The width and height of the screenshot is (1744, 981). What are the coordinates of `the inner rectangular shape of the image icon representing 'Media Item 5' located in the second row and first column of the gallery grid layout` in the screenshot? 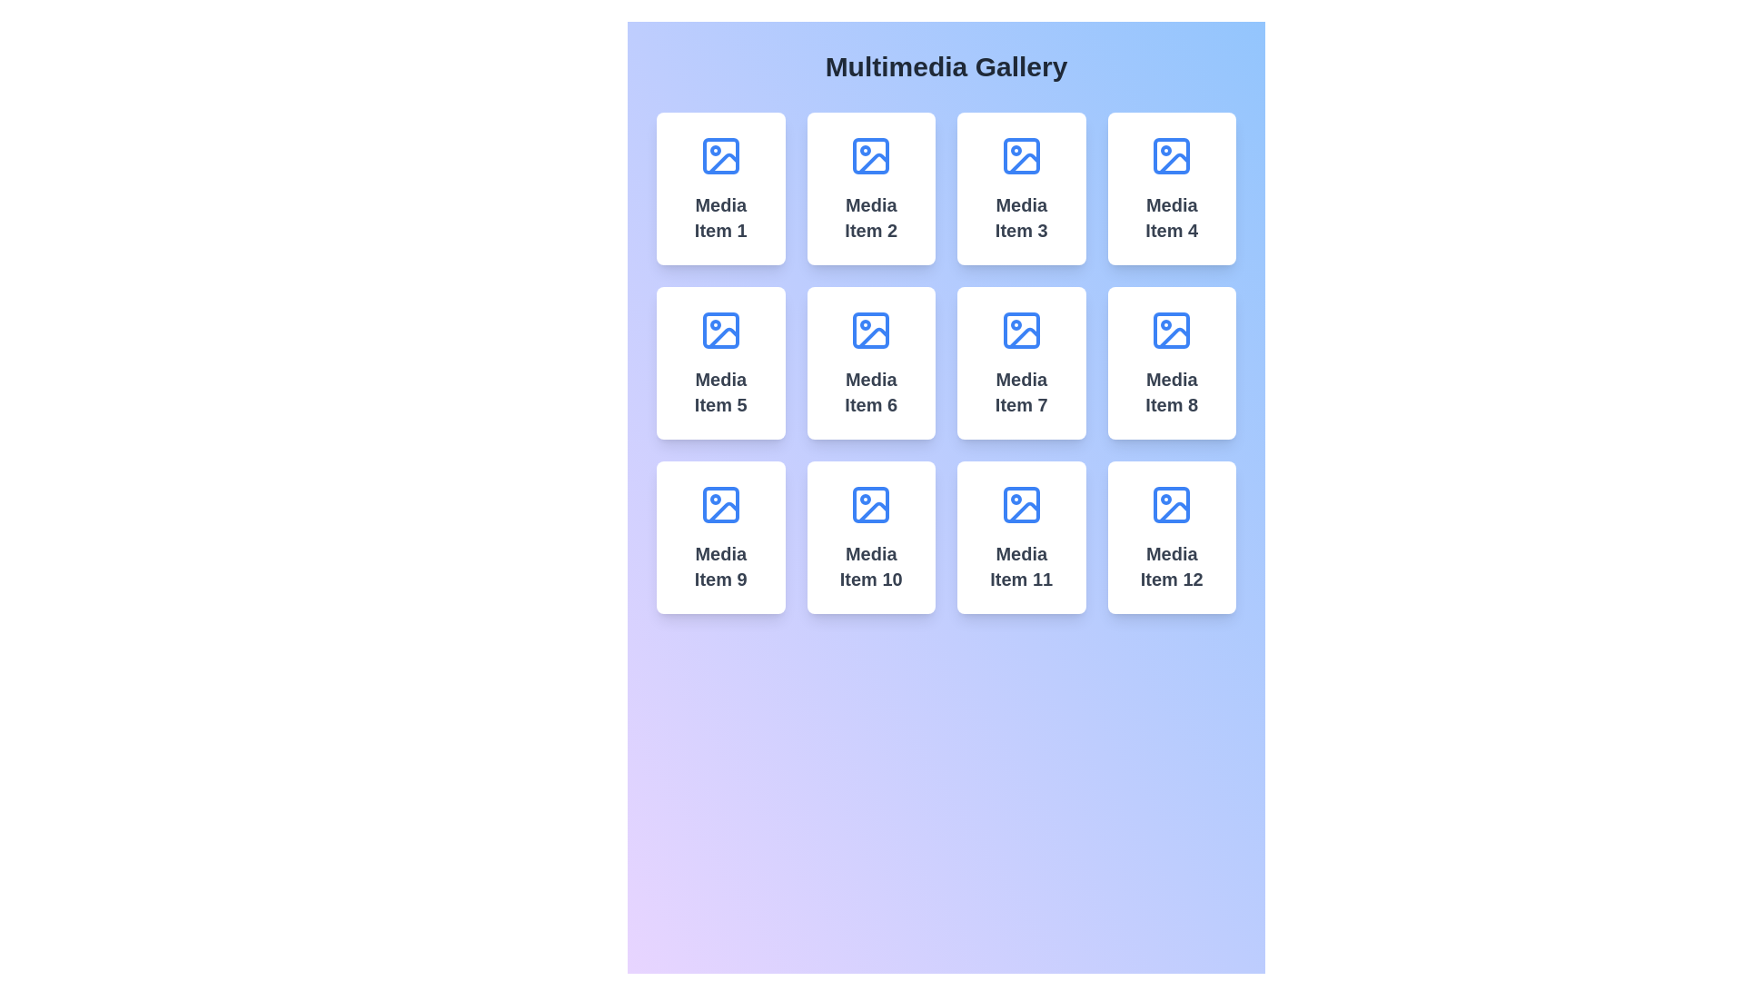 It's located at (719, 330).